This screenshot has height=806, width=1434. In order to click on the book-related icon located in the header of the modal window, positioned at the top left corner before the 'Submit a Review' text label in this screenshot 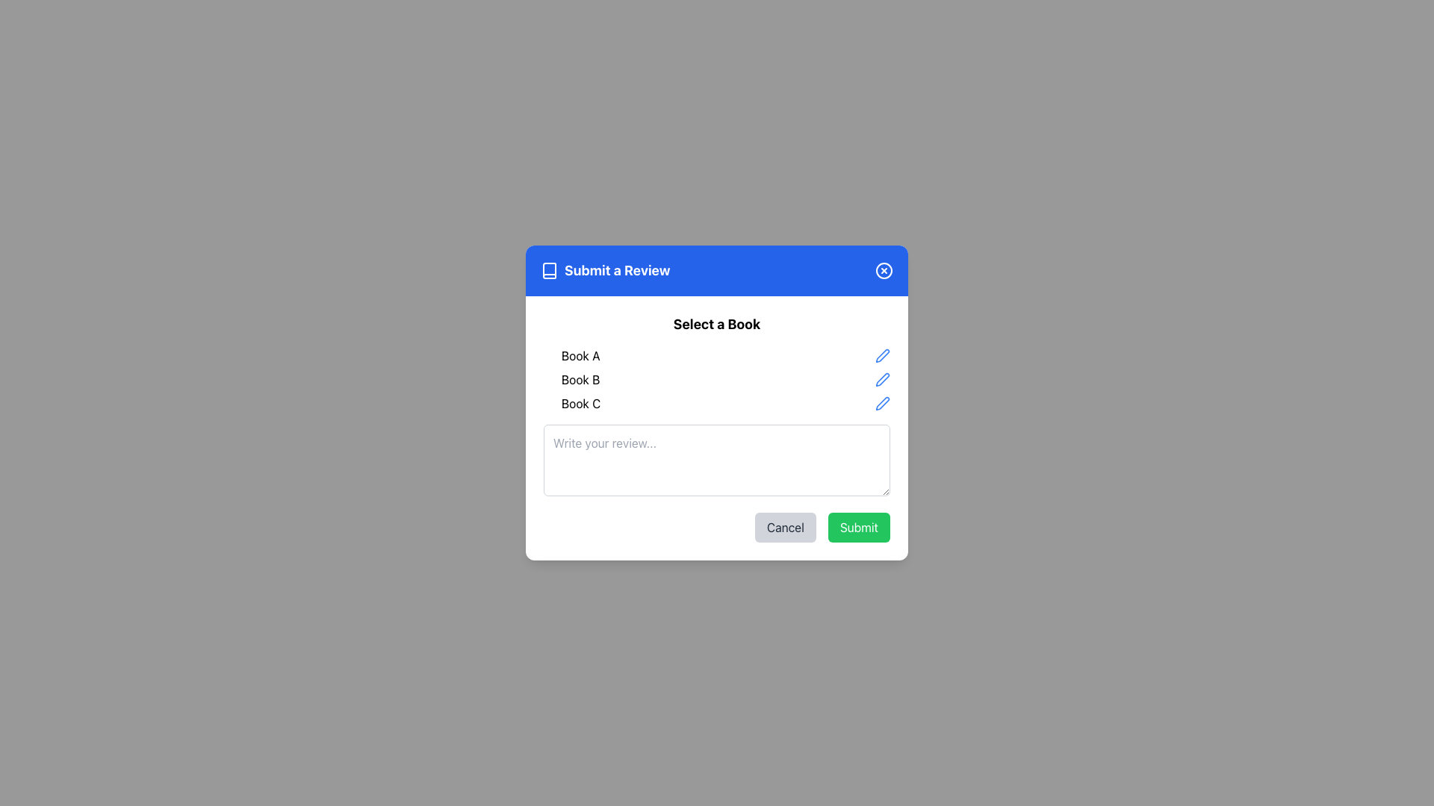, I will do `click(548, 270)`.